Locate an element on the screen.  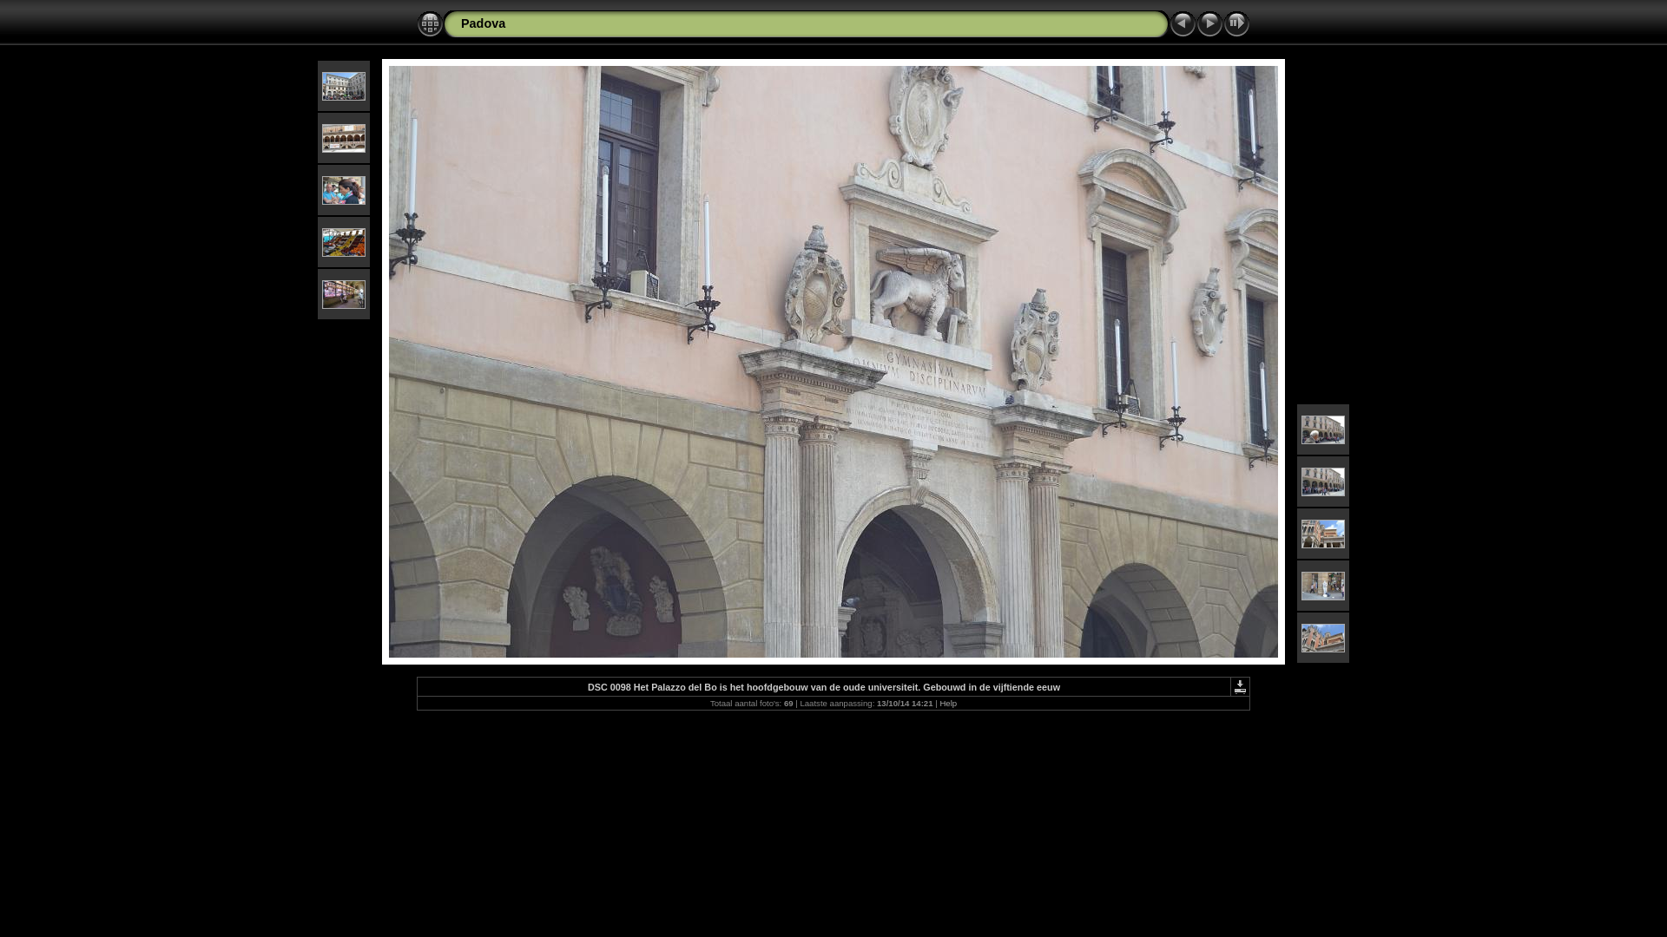
'Padova' is located at coordinates (483, 23).